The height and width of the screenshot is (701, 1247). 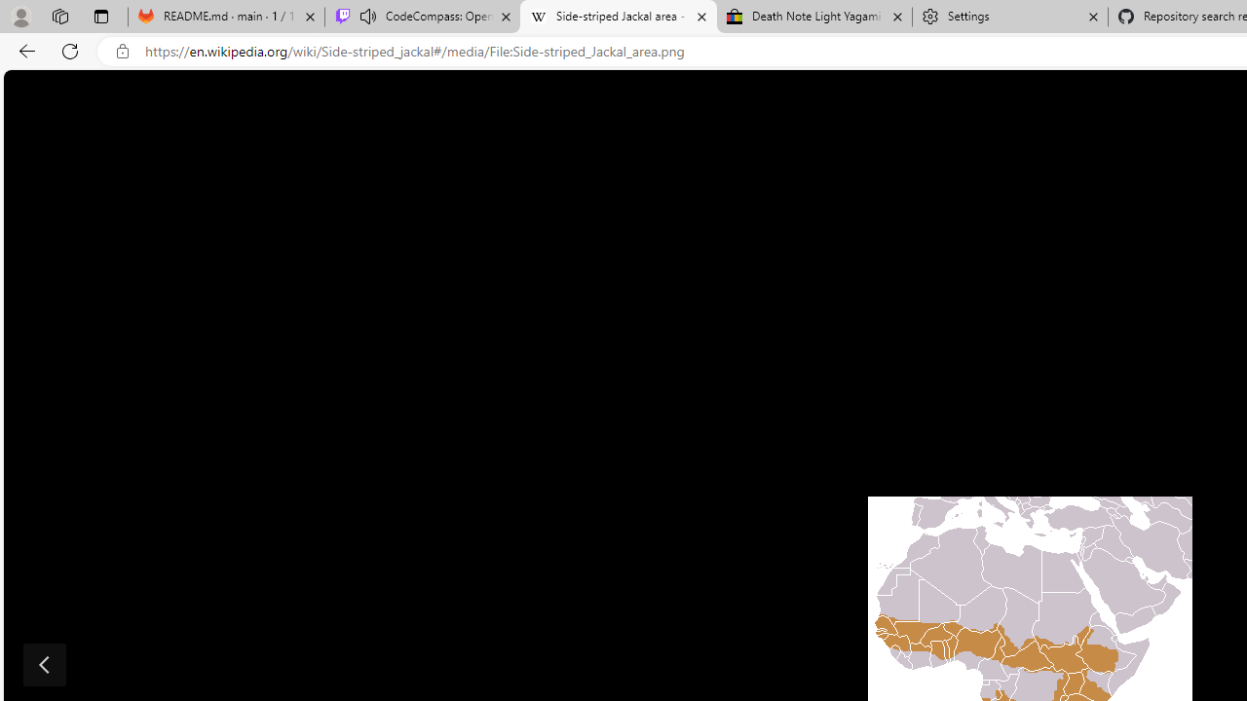 I want to click on 'Show previous image', so click(x=45, y=663).